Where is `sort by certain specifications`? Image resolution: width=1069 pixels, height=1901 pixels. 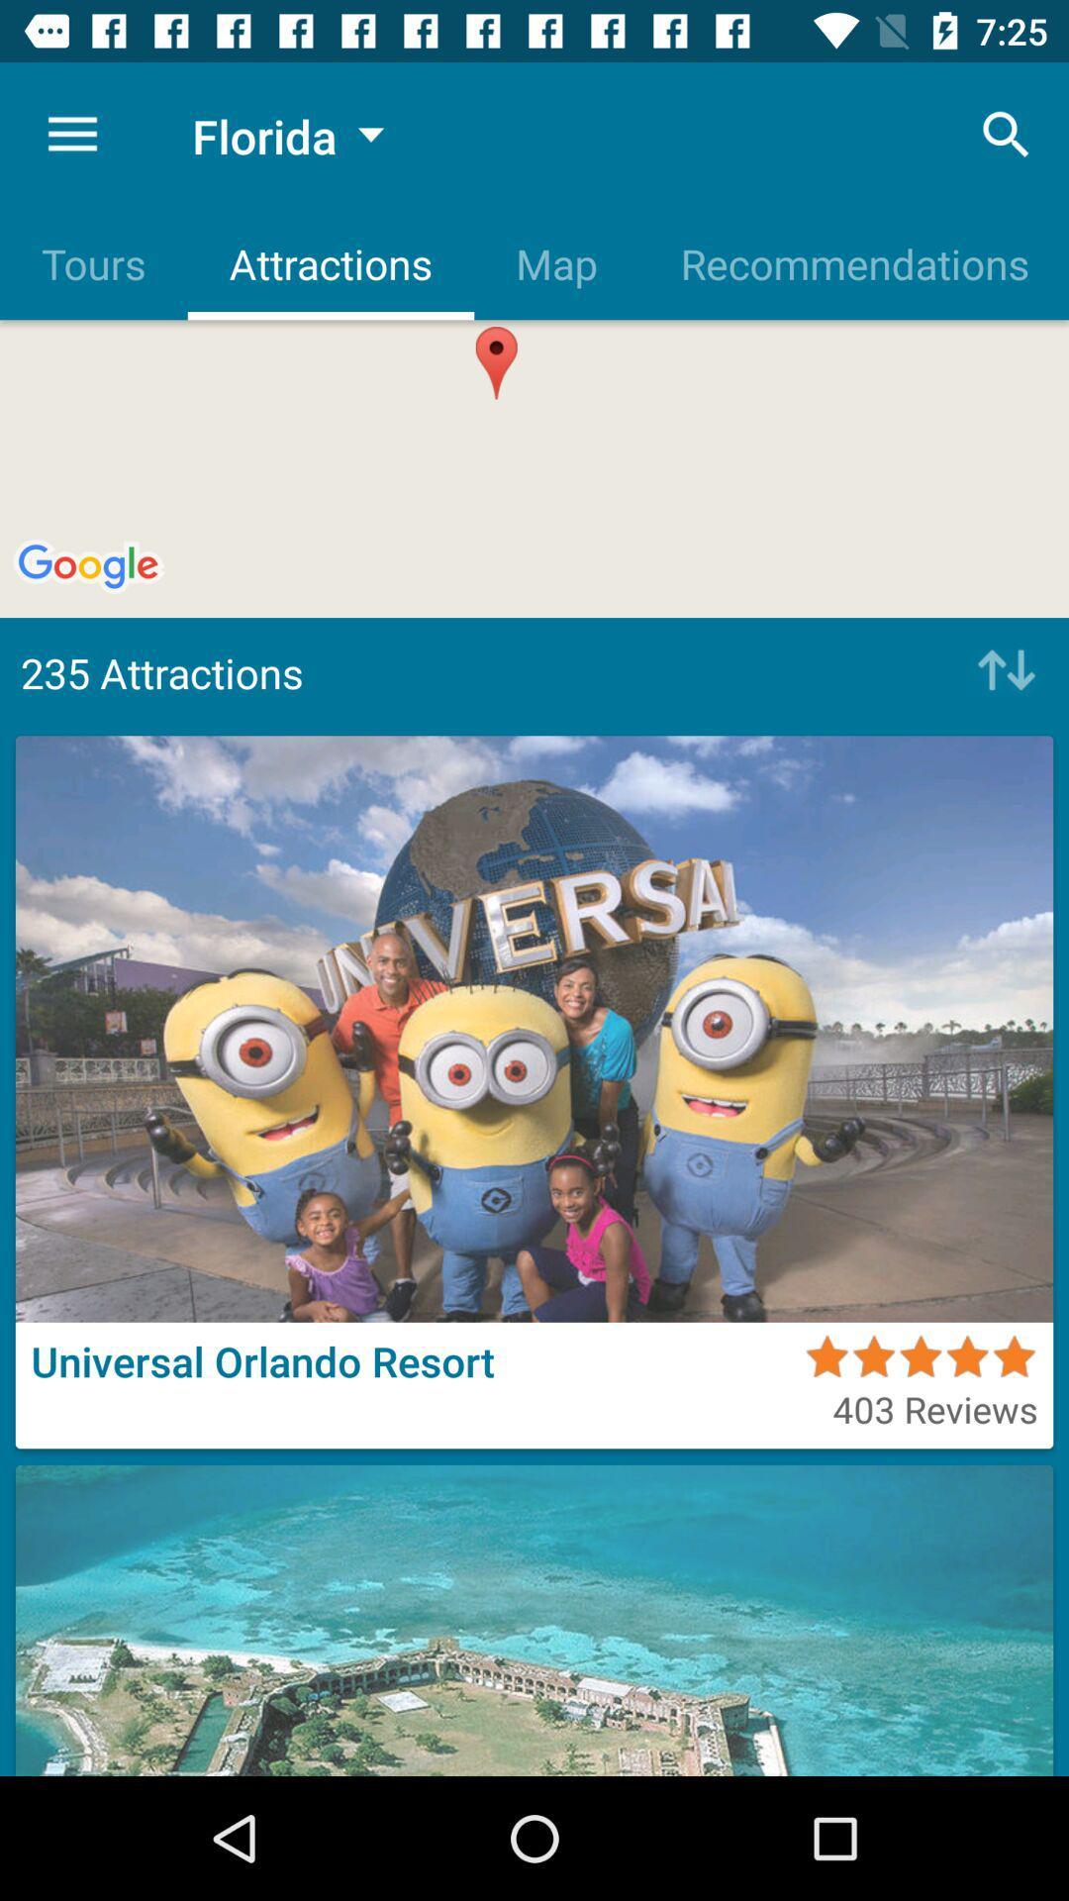
sort by certain specifications is located at coordinates (1001, 672).